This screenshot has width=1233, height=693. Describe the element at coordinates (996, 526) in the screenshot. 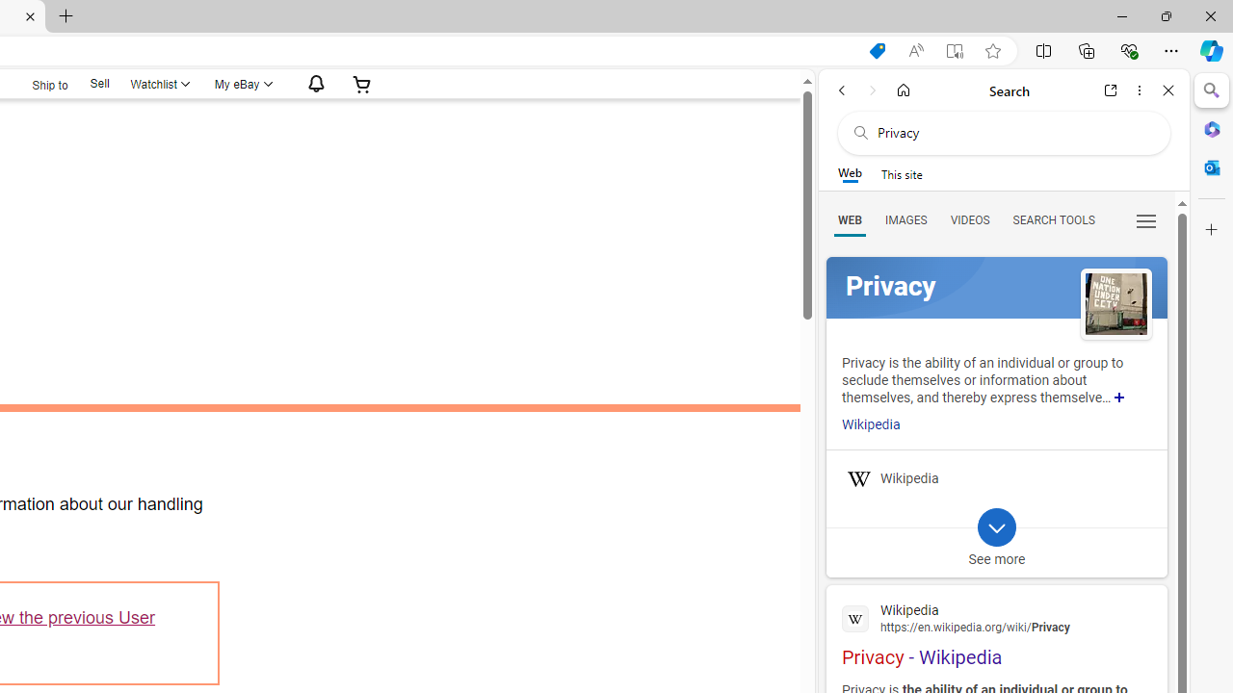

I see `'Class: b_exp_chevron_svg b_expmob_chev'` at that location.